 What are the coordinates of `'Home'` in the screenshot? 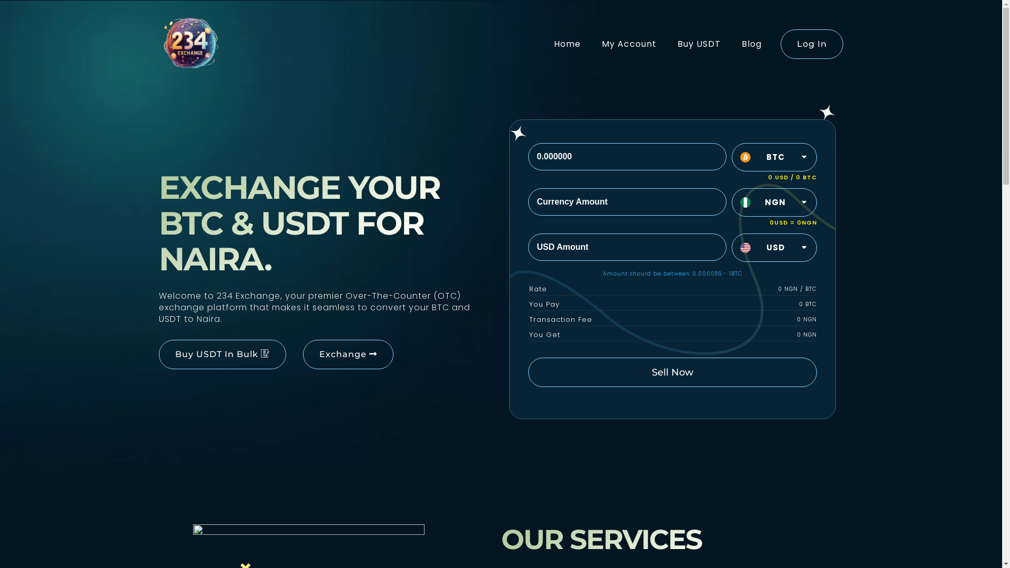 It's located at (566, 44).